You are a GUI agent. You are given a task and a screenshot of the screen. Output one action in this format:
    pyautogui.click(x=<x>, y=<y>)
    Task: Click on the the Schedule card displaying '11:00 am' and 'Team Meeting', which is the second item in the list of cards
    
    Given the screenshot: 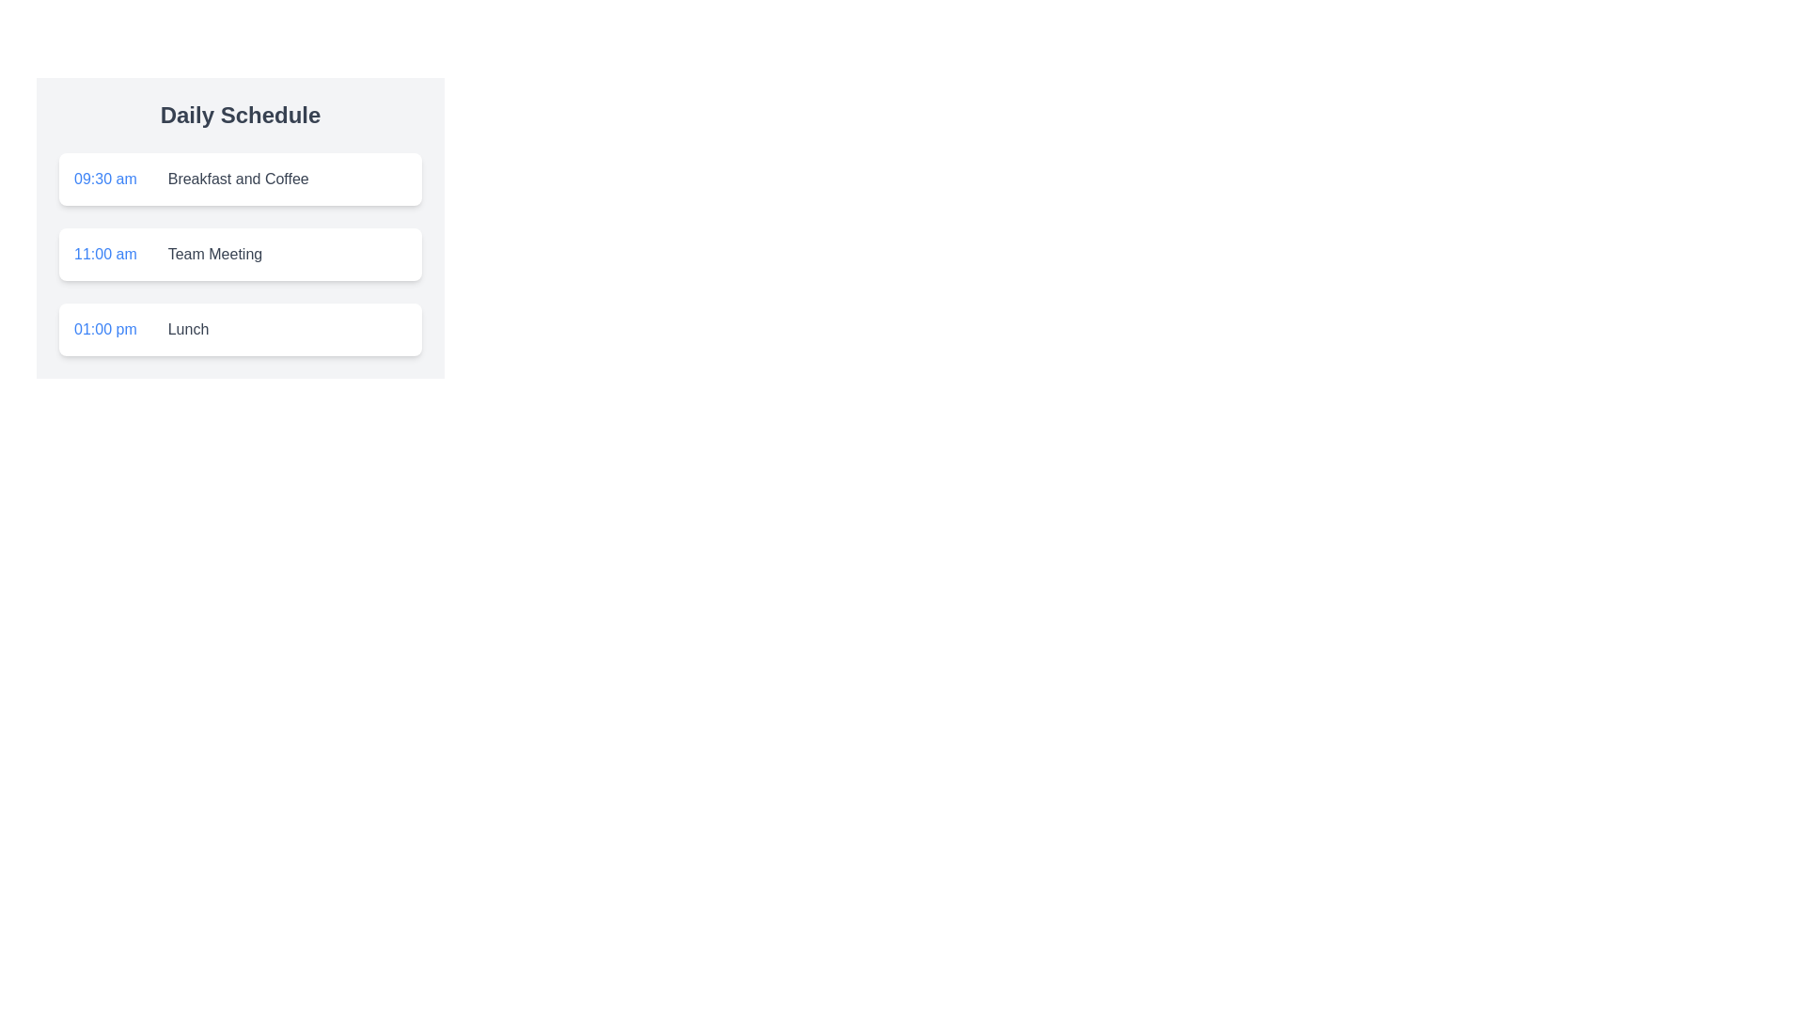 What is the action you would take?
    pyautogui.click(x=239, y=254)
    